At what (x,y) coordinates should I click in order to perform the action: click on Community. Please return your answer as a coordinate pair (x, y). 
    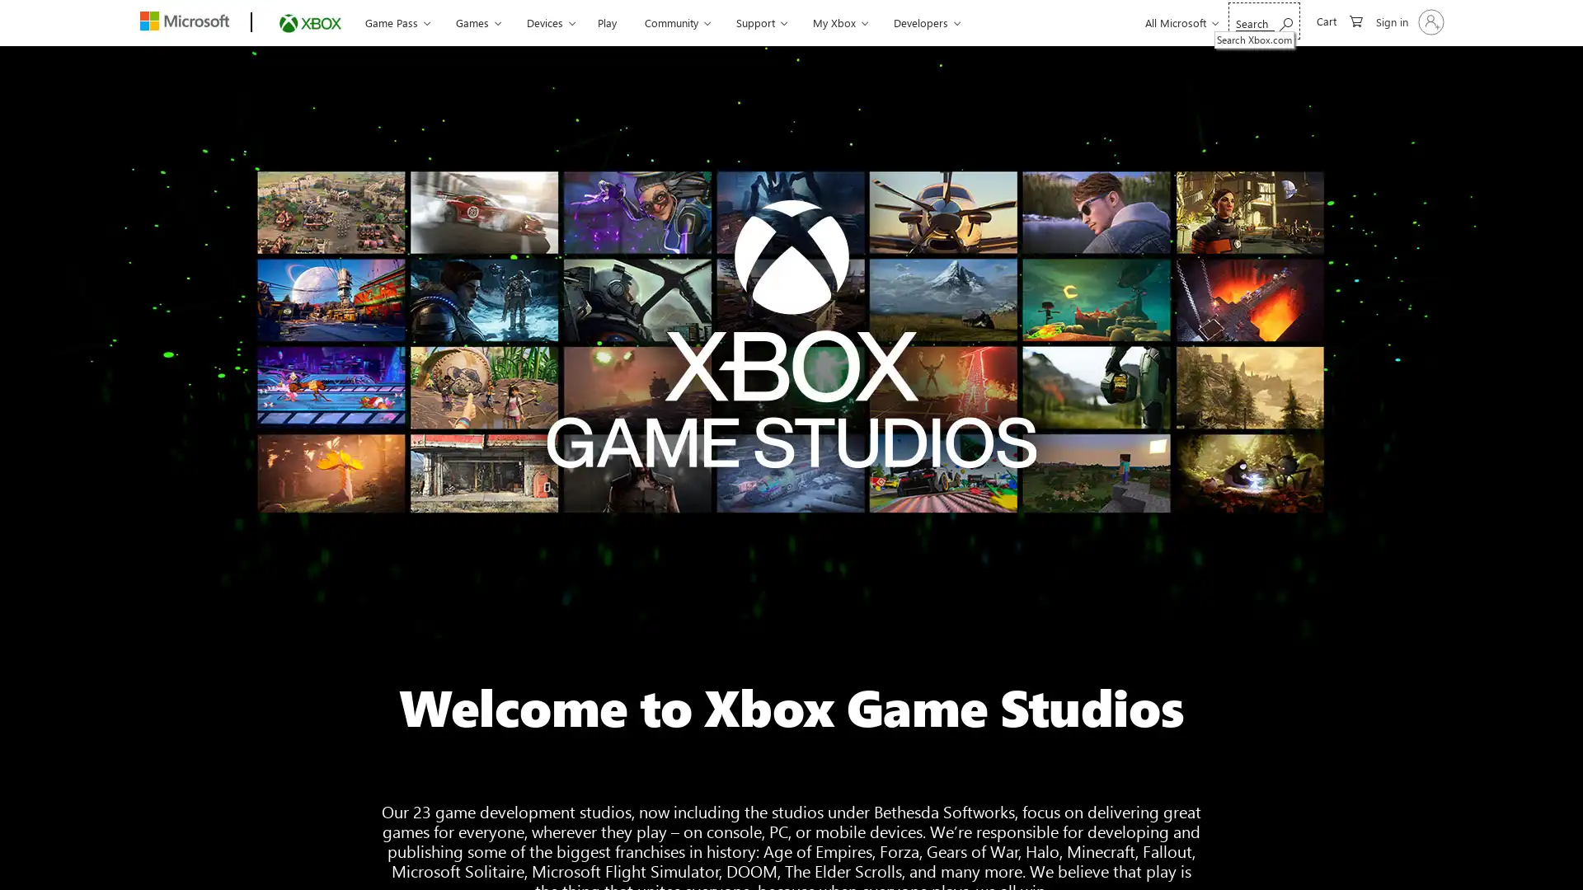
    Looking at the image, I should click on (664, 22).